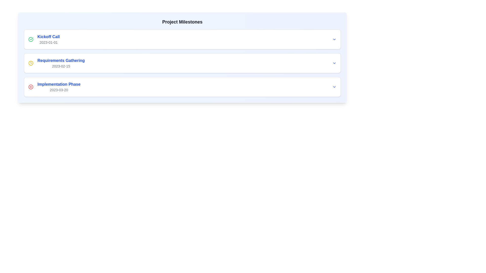 Image resolution: width=486 pixels, height=273 pixels. What do you see at coordinates (182, 86) in the screenshot?
I see `details of the Milestone card titled 'Implementation Phase' dated '2023-03-20', which is the third card in a vertical stack of milestones` at bounding box center [182, 86].